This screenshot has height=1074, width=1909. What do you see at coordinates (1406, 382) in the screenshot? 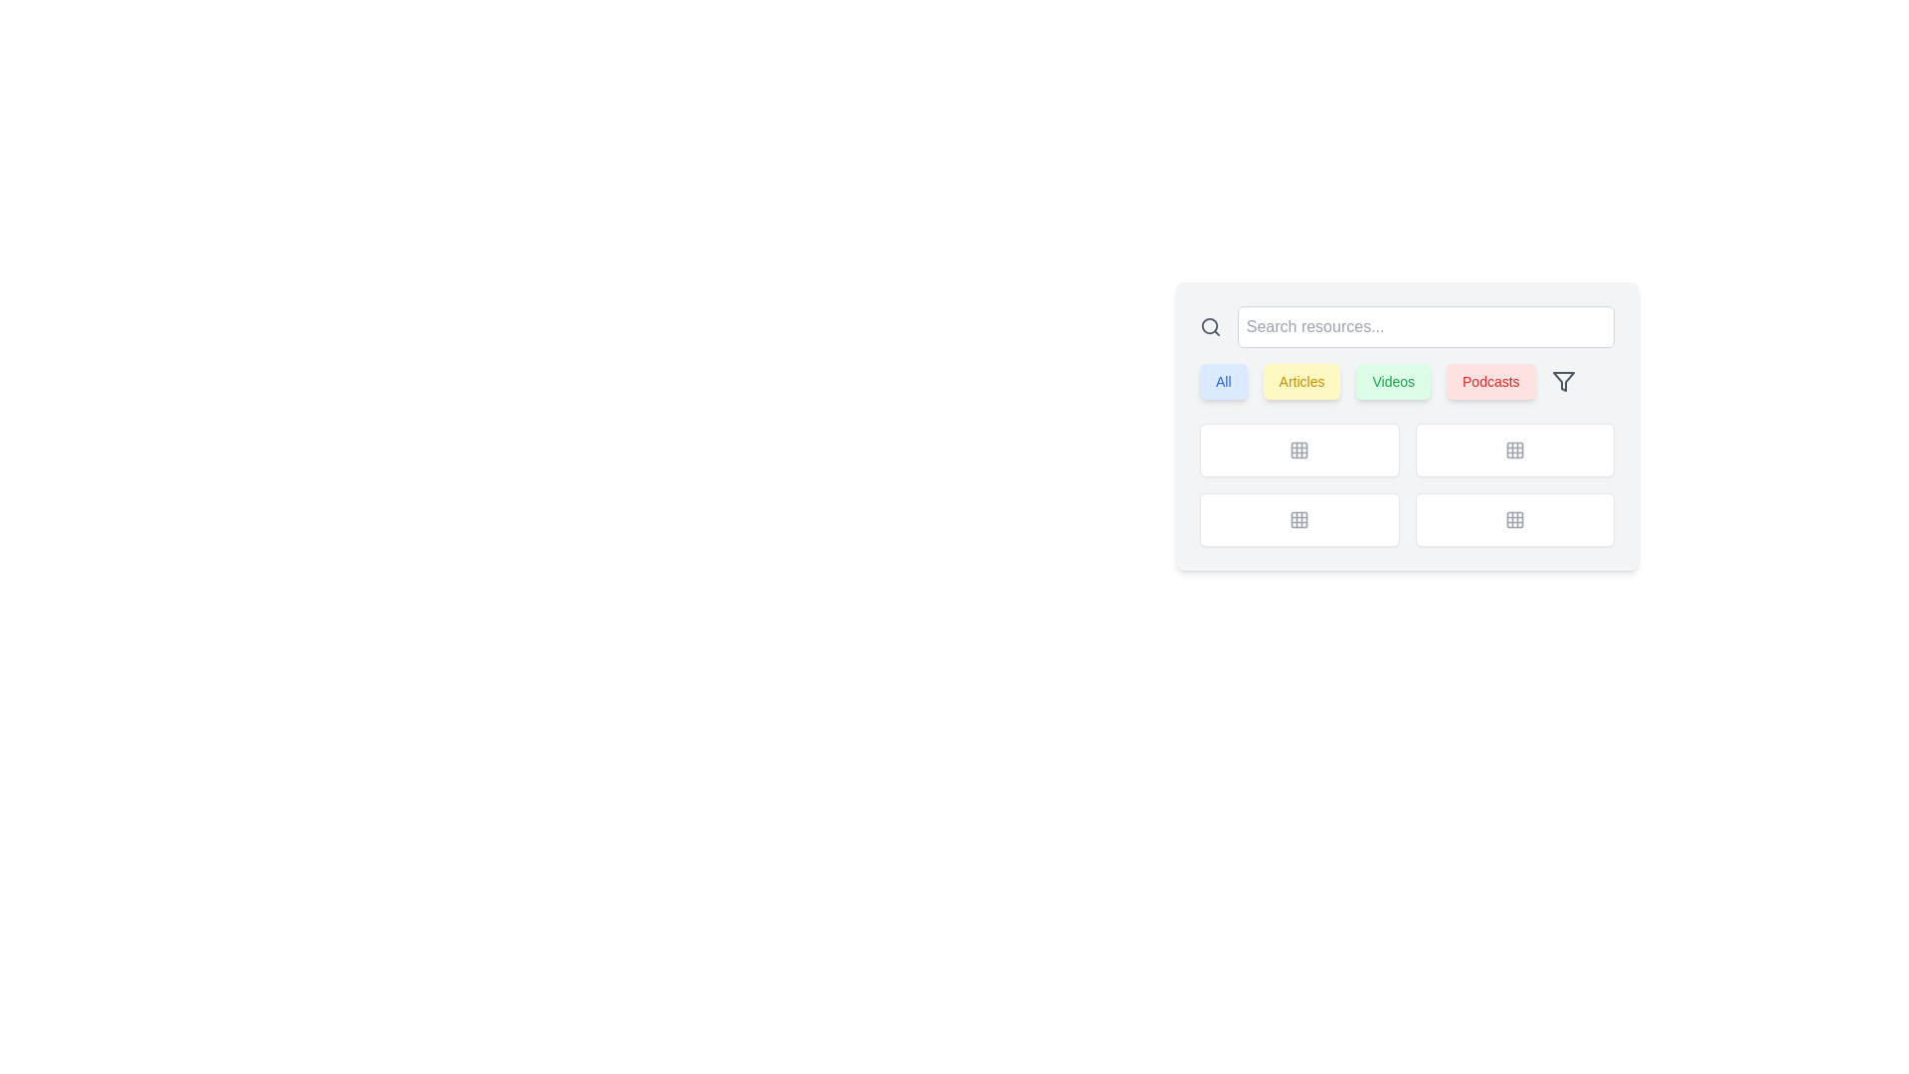
I see `the 'Videos' filter button, which is the third button in a horizontal sequence of four buttons located below the search bar and above the grid layout` at bounding box center [1406, 382].